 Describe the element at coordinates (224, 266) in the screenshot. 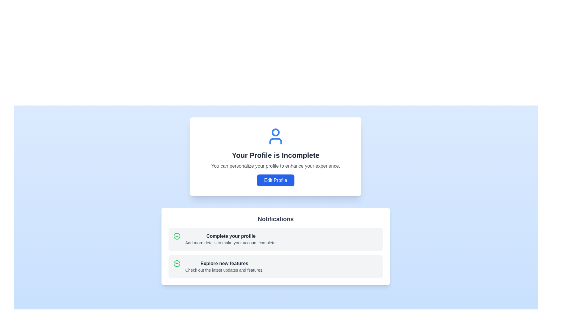

I see `the informational Text Display that conveys details about new features, located within the lower notification card, to the right of the green circular '+' icon` at that location.